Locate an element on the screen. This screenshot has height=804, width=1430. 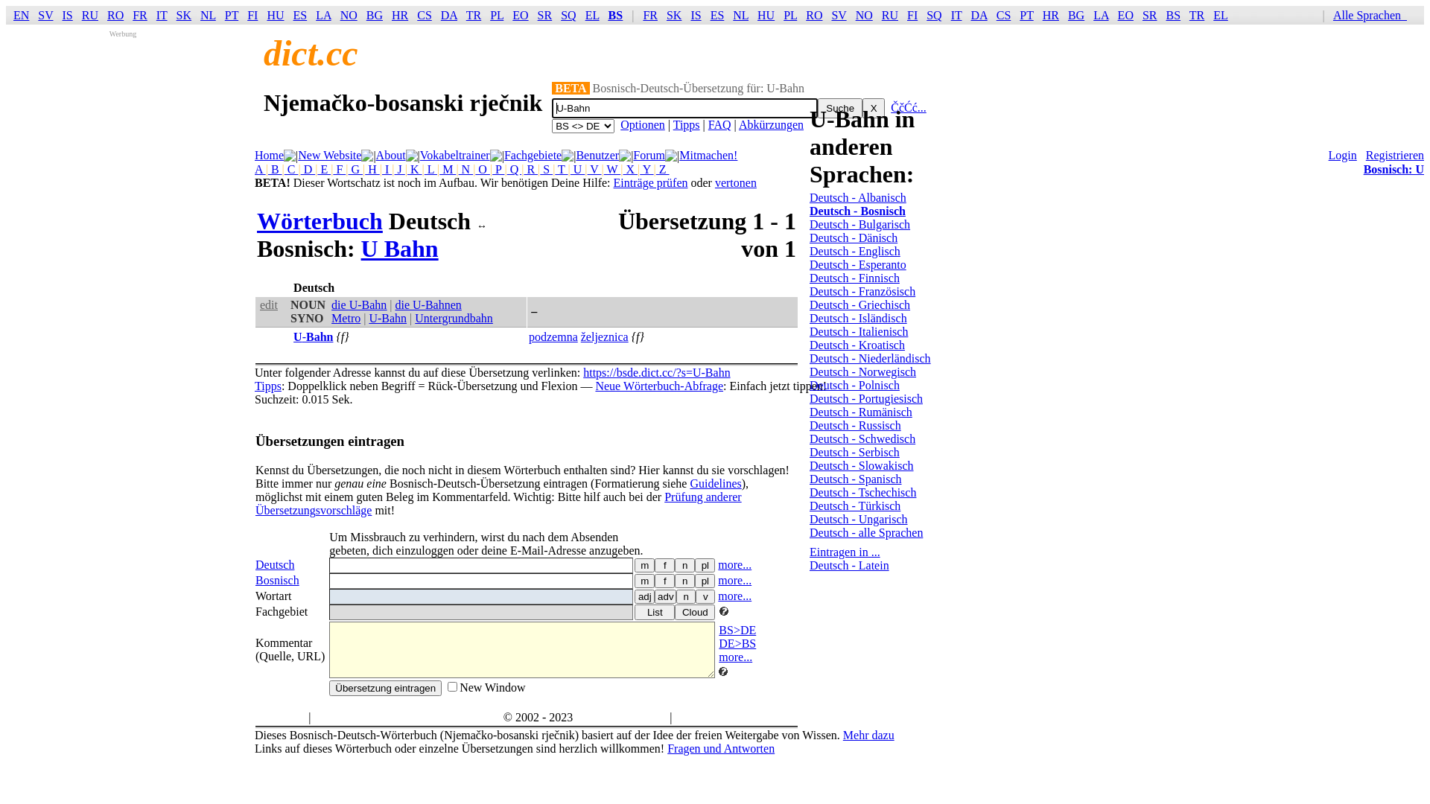
'U' is located at coordinates (577, 168).